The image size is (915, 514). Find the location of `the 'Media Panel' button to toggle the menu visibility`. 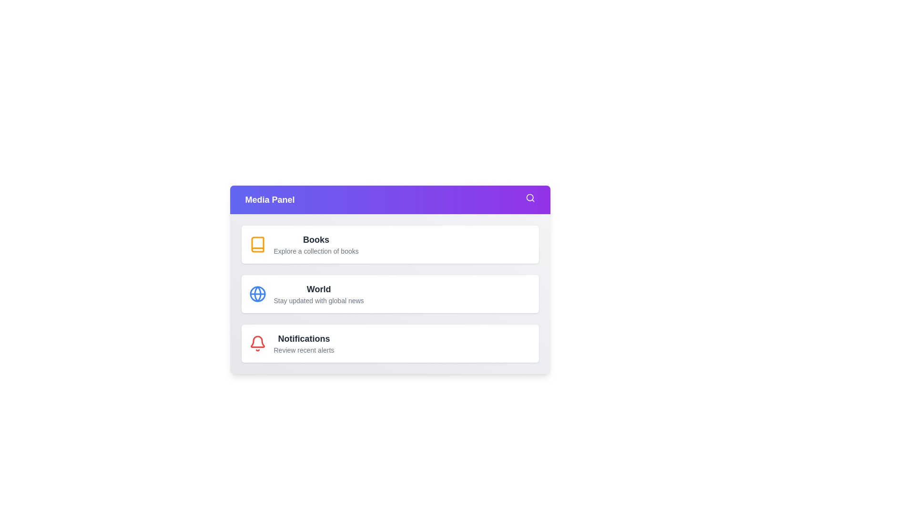

the 'Media Panel' button to toggle the menu visibility is located at coordinates (390, 199).